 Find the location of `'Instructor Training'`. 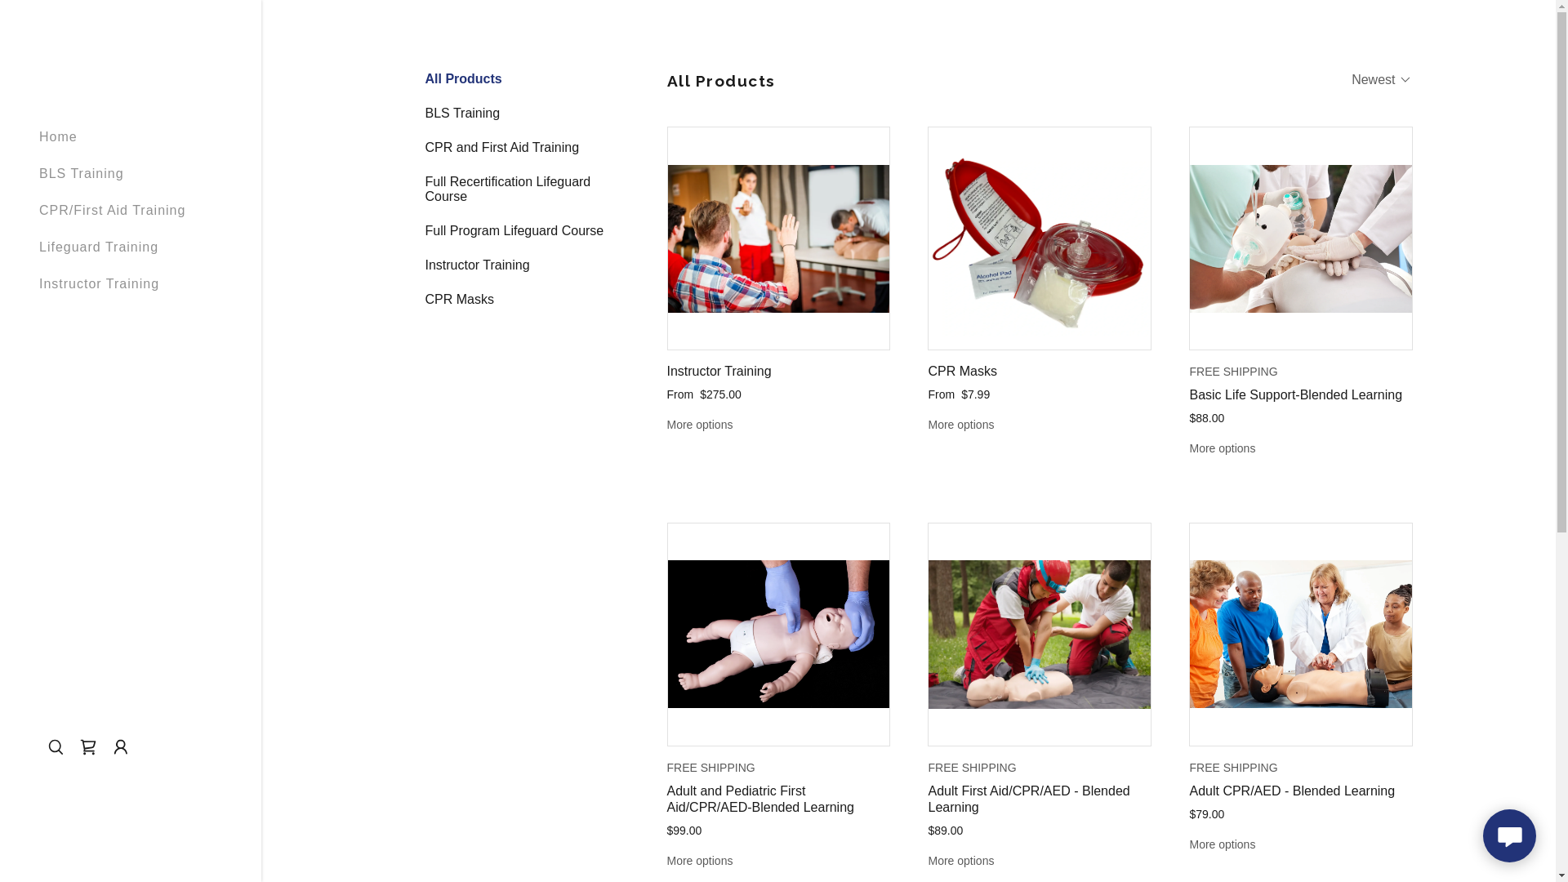

'Instructor Training' is located at coordinates (515, 264).